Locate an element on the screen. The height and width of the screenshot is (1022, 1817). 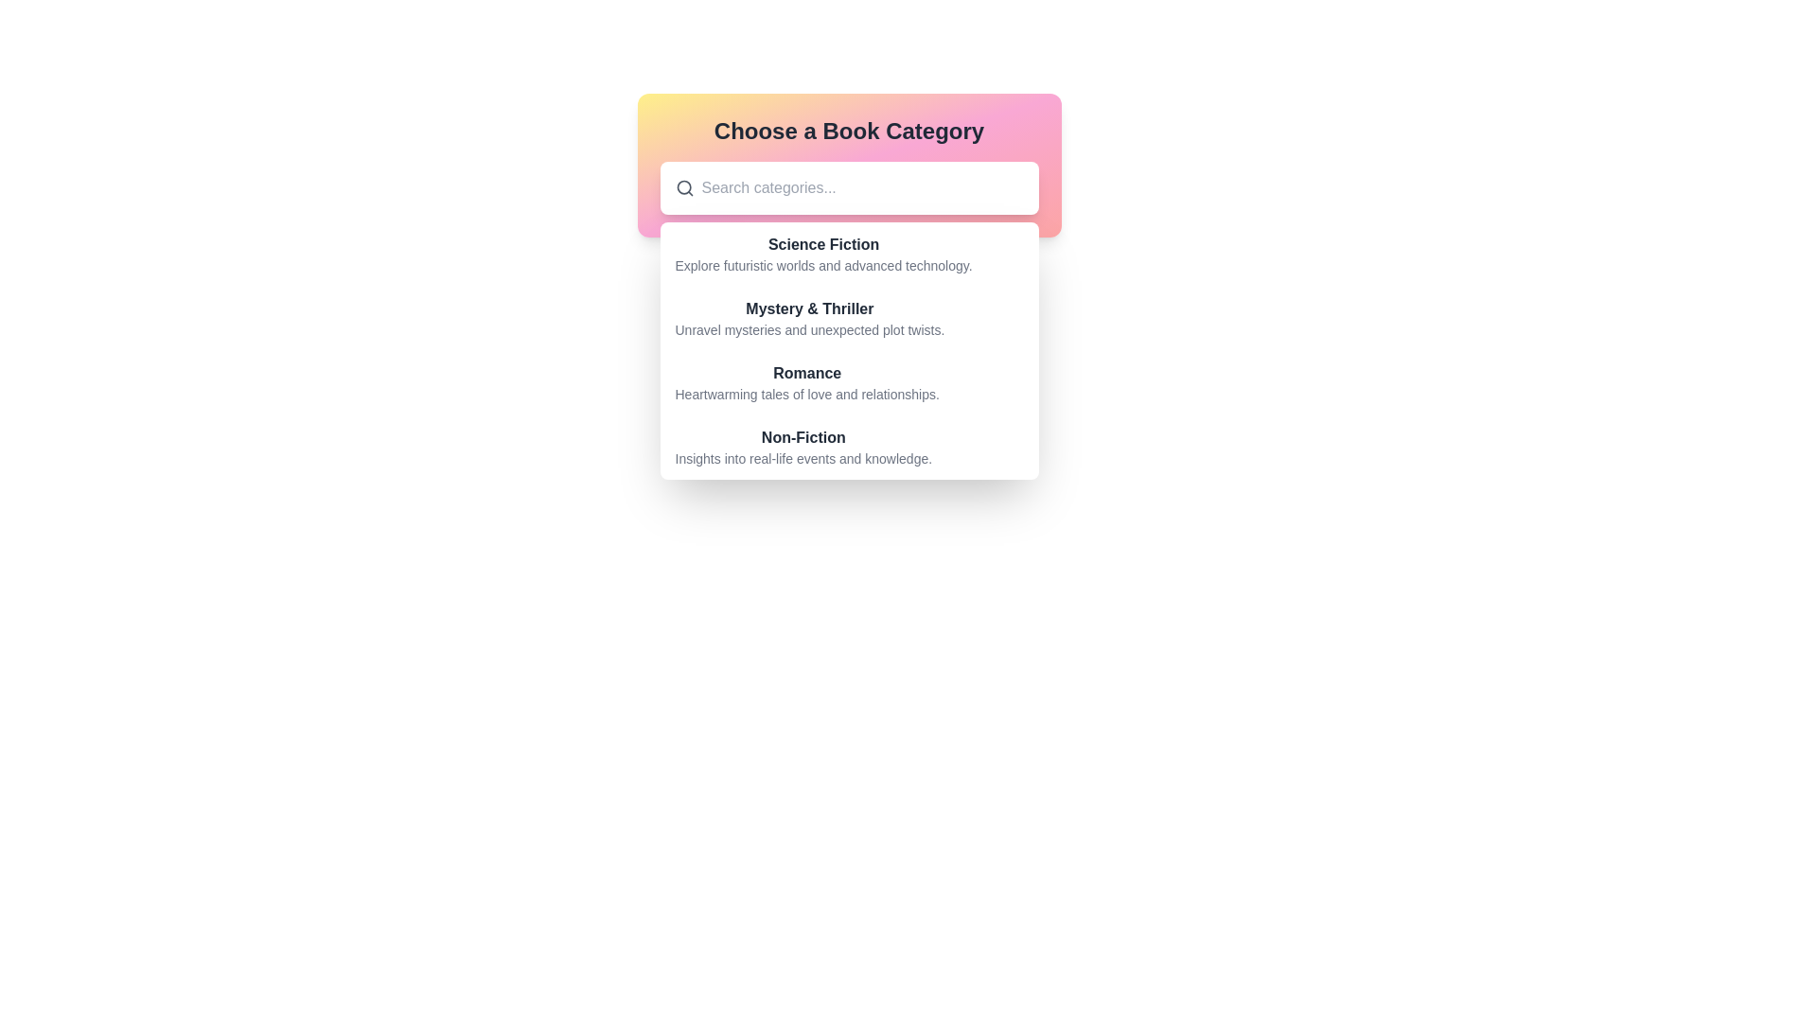
the first list item for science fiction books, which is located below the 'Choose a Book Category' heading and directly below the search bar is located at coordinates (823, 254).